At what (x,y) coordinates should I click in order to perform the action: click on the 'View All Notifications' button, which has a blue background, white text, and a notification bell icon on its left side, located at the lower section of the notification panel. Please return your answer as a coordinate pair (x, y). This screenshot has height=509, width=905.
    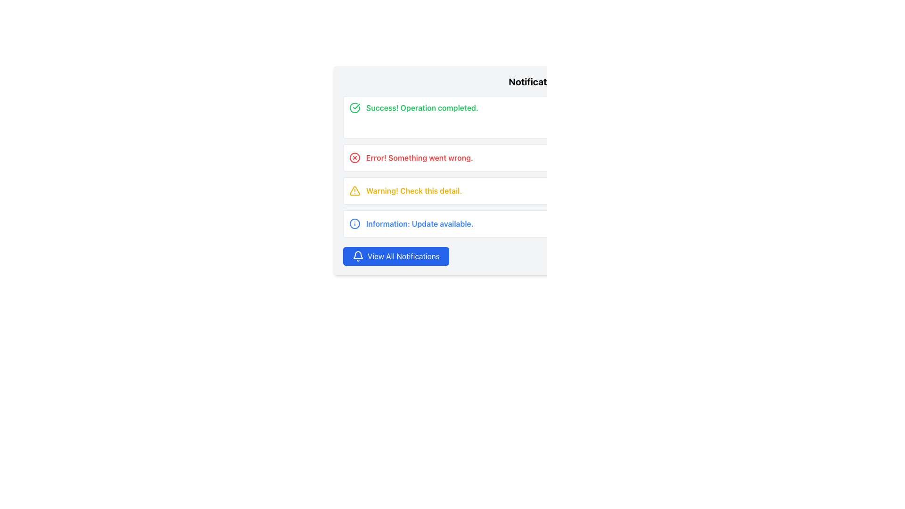
    Looking at the image, I should click on (396, 256).